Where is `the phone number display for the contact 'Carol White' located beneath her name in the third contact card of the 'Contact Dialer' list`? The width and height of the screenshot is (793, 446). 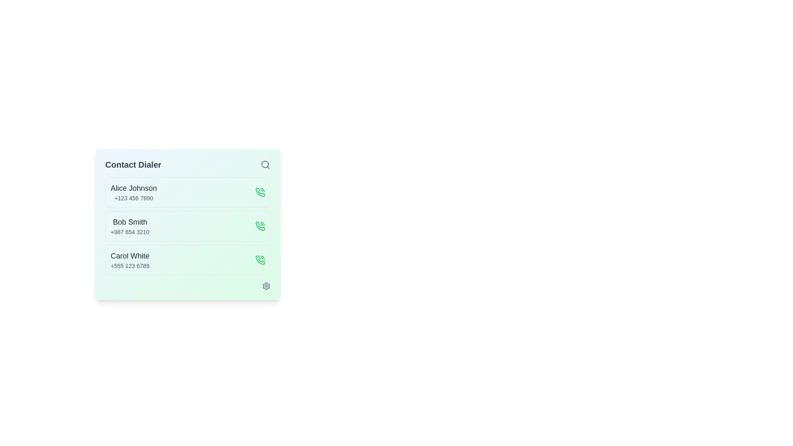
the phone number display for the contact 'Carol White' located beneath her name in the third contact card of the 'Contact Dialer' list is located at coordinates (130, 266).